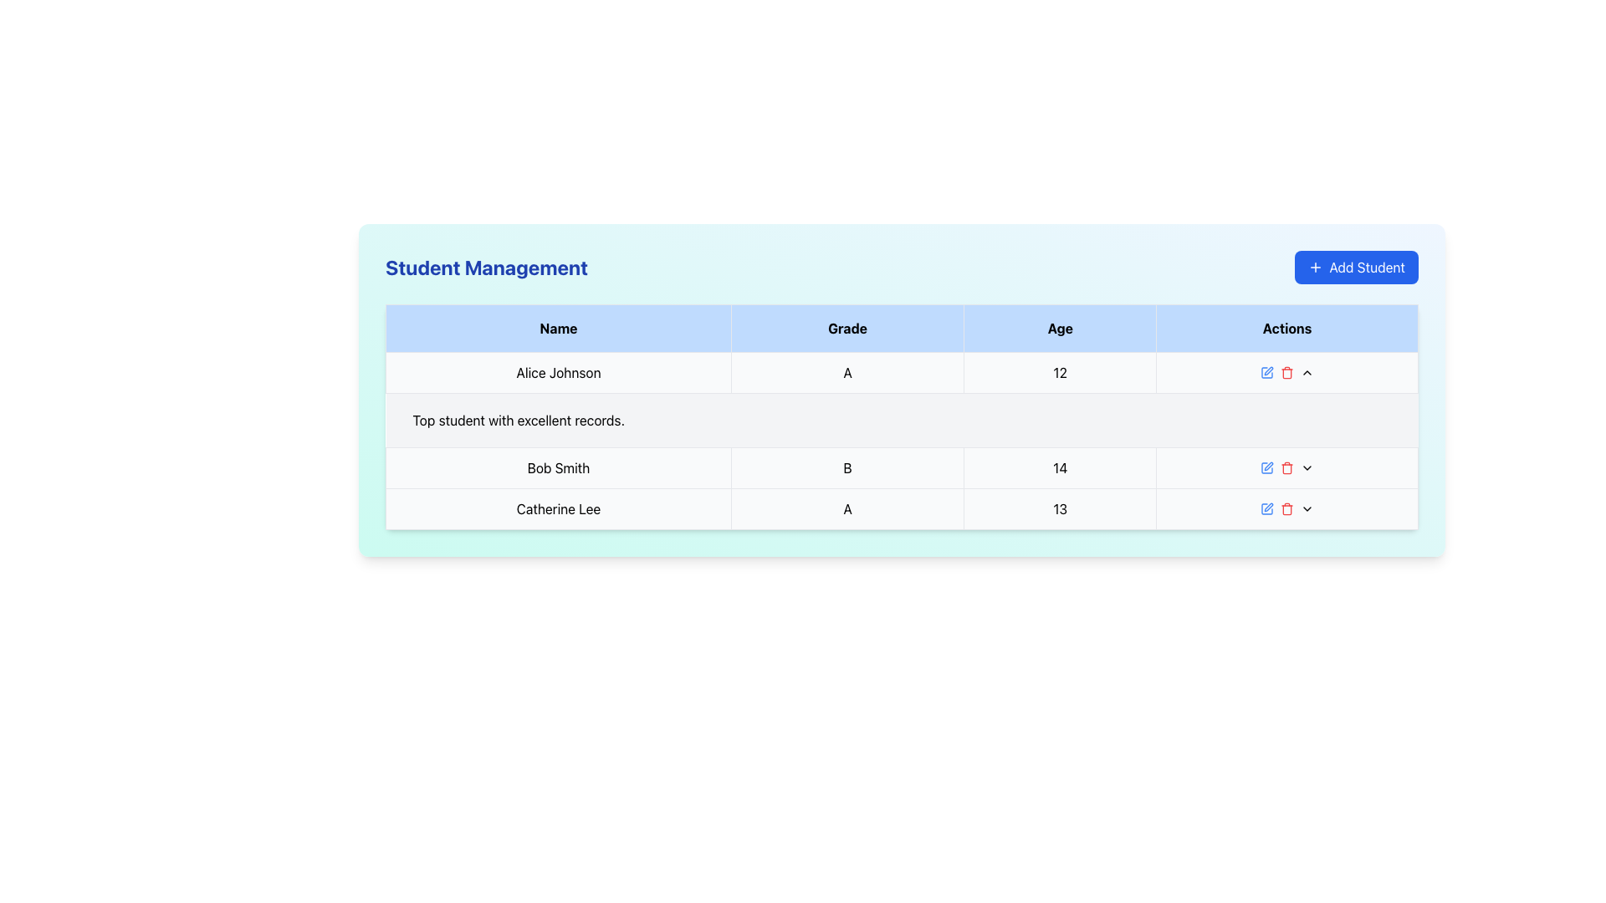 The height and width of the screenshot is (903, 1606). What do you see at coordinates (1286, 508) in the screenshot?
I see `the red trash bin icon in the actions column of the third row of the table` at bounding box center [1286, 508].